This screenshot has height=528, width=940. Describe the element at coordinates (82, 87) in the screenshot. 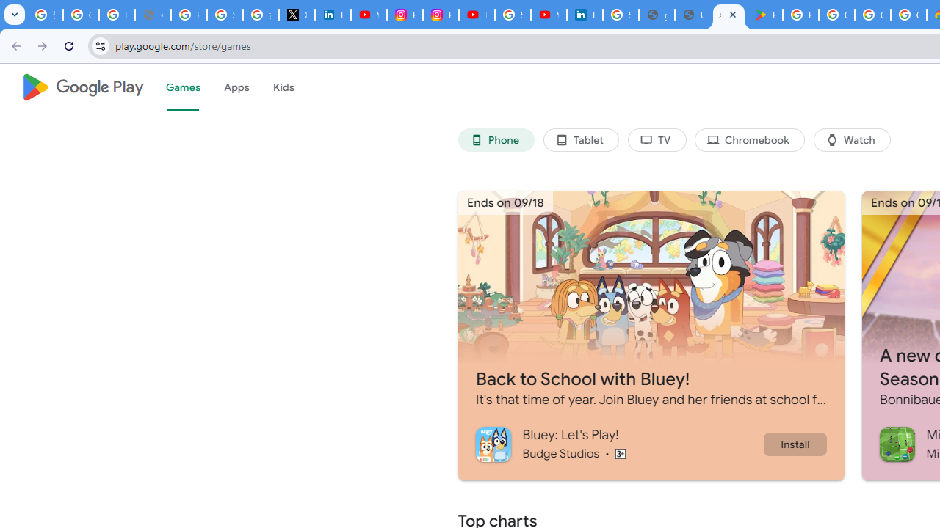

I see `'Google Play logo'` at that location.